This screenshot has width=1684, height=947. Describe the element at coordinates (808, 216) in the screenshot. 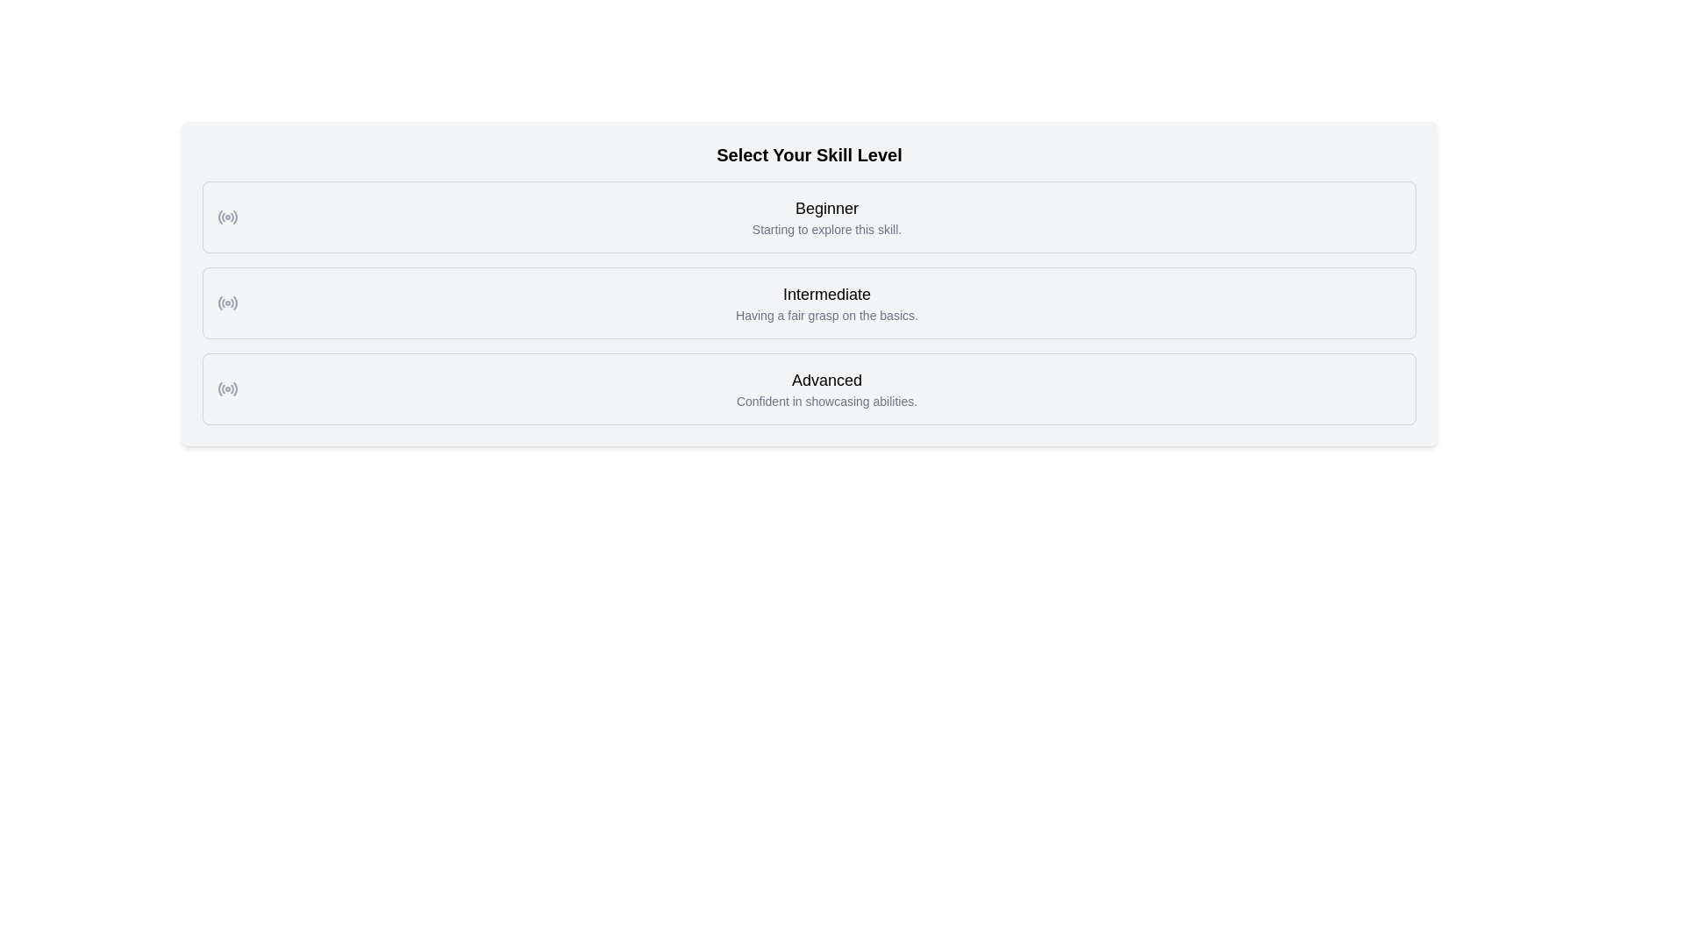

I see `the first selectable button in the skill level selection interface` at that location.